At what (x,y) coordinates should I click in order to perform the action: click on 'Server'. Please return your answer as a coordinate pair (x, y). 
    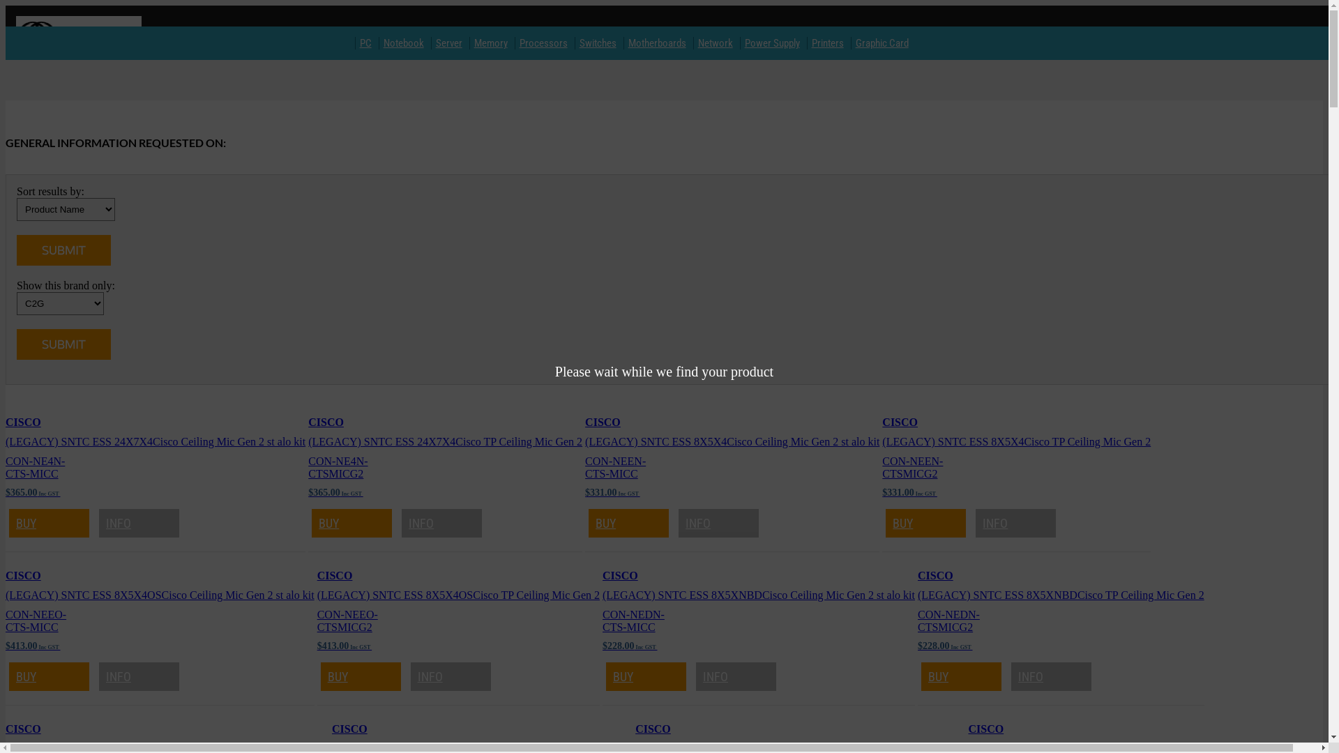
    Looking at the image, I should click on (448, 42).